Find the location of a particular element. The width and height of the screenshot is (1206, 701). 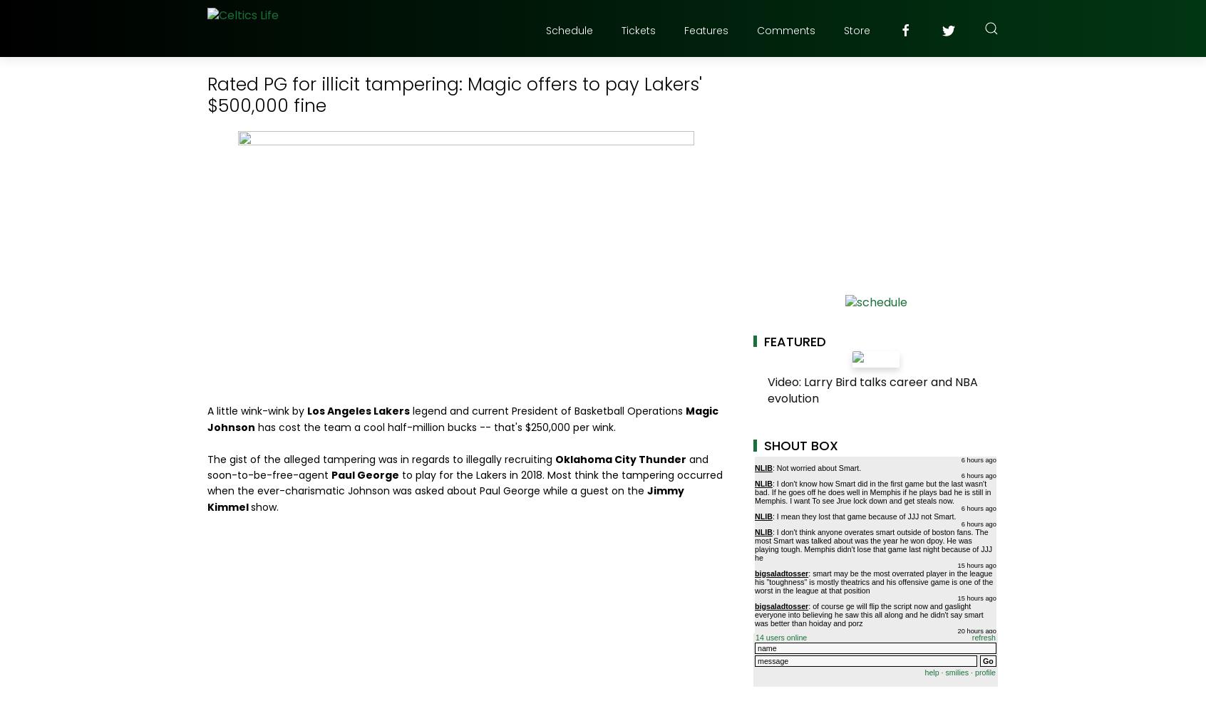

'Los Angeles Lakers' is located at coordinates (359, 410).